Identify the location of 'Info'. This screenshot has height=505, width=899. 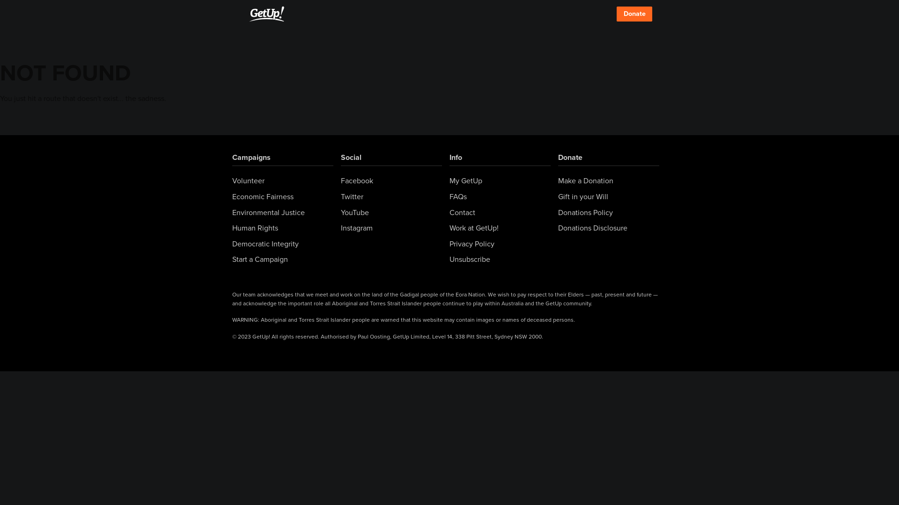
(456, 157).